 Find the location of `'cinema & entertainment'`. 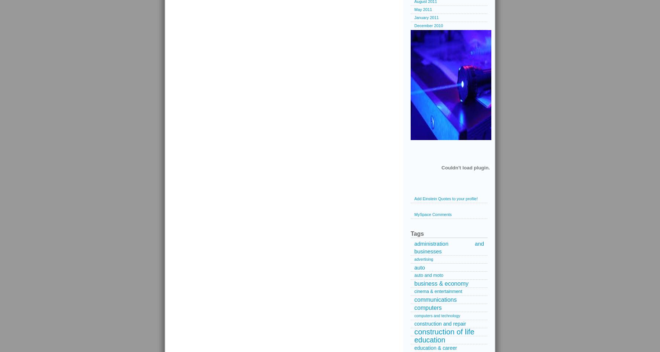

'cinema & entertainment' is located at coordinates (414, 291).